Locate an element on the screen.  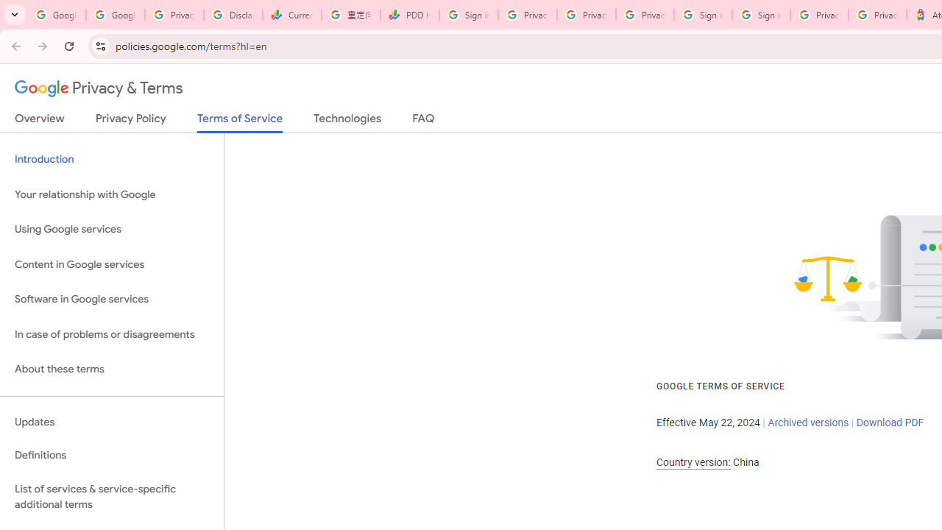
'About these terms' is located at coordinates (111, 369).